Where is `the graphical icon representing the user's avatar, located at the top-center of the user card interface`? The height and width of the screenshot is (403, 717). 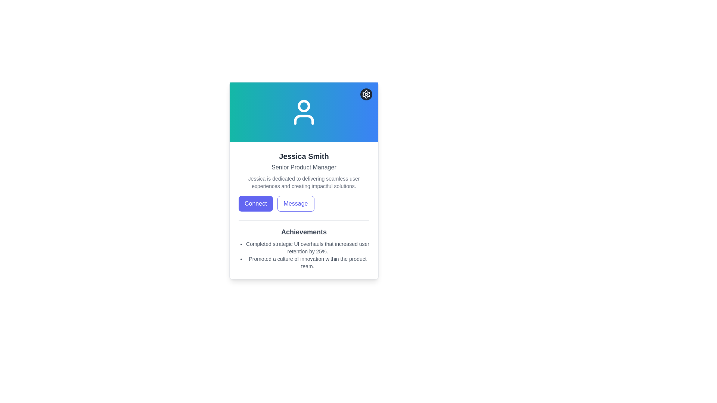 the graphical icon representing the user's avatar, located at the top-center of the user card interface is located at coordinates (304, 106).